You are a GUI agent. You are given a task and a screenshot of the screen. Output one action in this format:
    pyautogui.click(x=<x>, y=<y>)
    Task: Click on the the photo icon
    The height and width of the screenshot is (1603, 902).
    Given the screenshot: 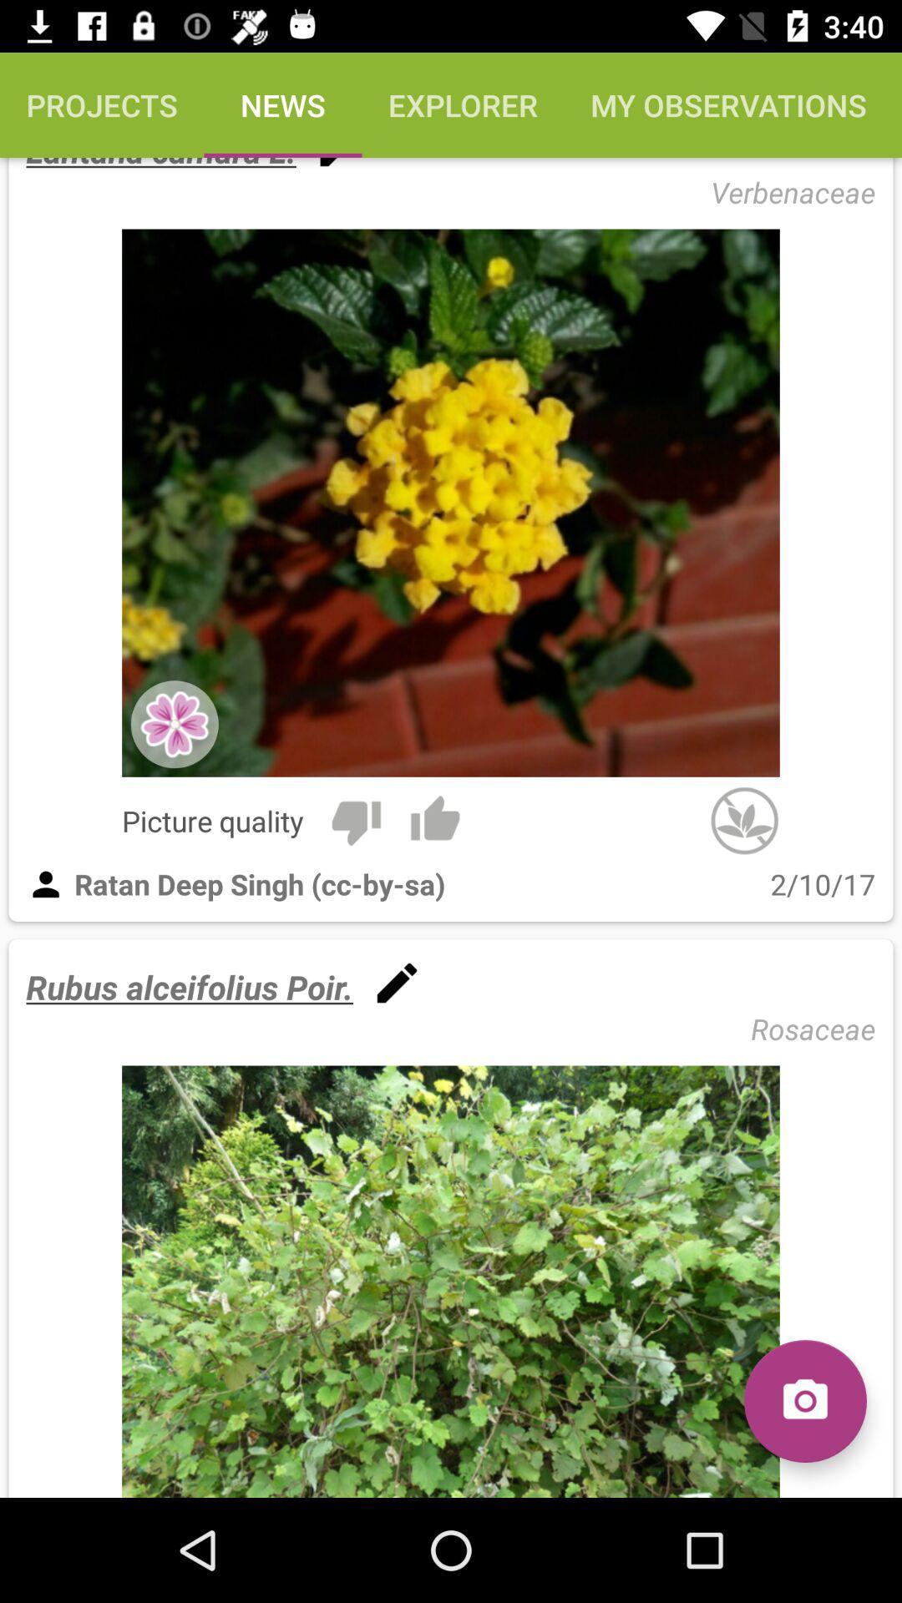 What is the action you would take?
    pyautogui.click(x=804, y=1401)
    